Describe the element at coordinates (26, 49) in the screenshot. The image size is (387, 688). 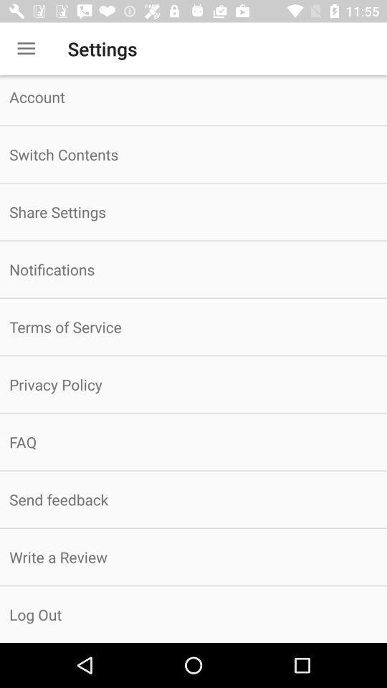
I see `icon above account` at that location.